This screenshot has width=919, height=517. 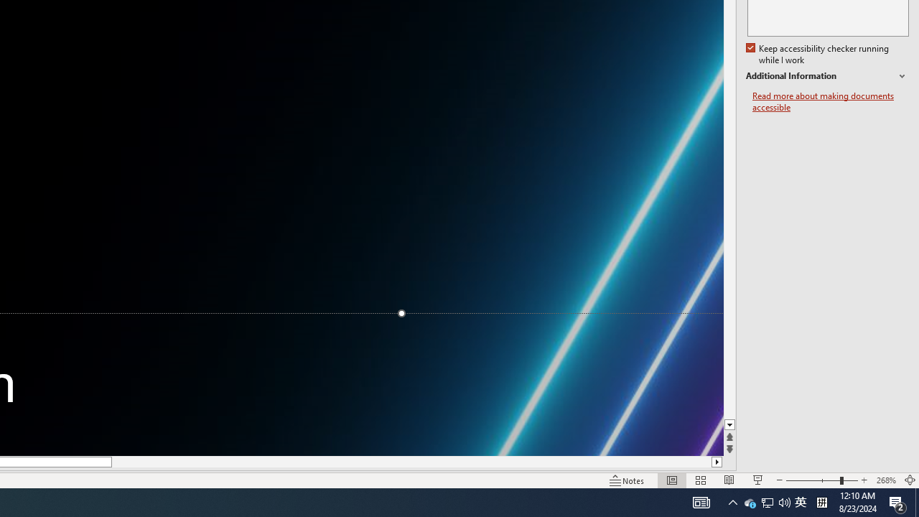 I want to click on 'Keep accessibility checker running while I work', so click(x=818, y=54).